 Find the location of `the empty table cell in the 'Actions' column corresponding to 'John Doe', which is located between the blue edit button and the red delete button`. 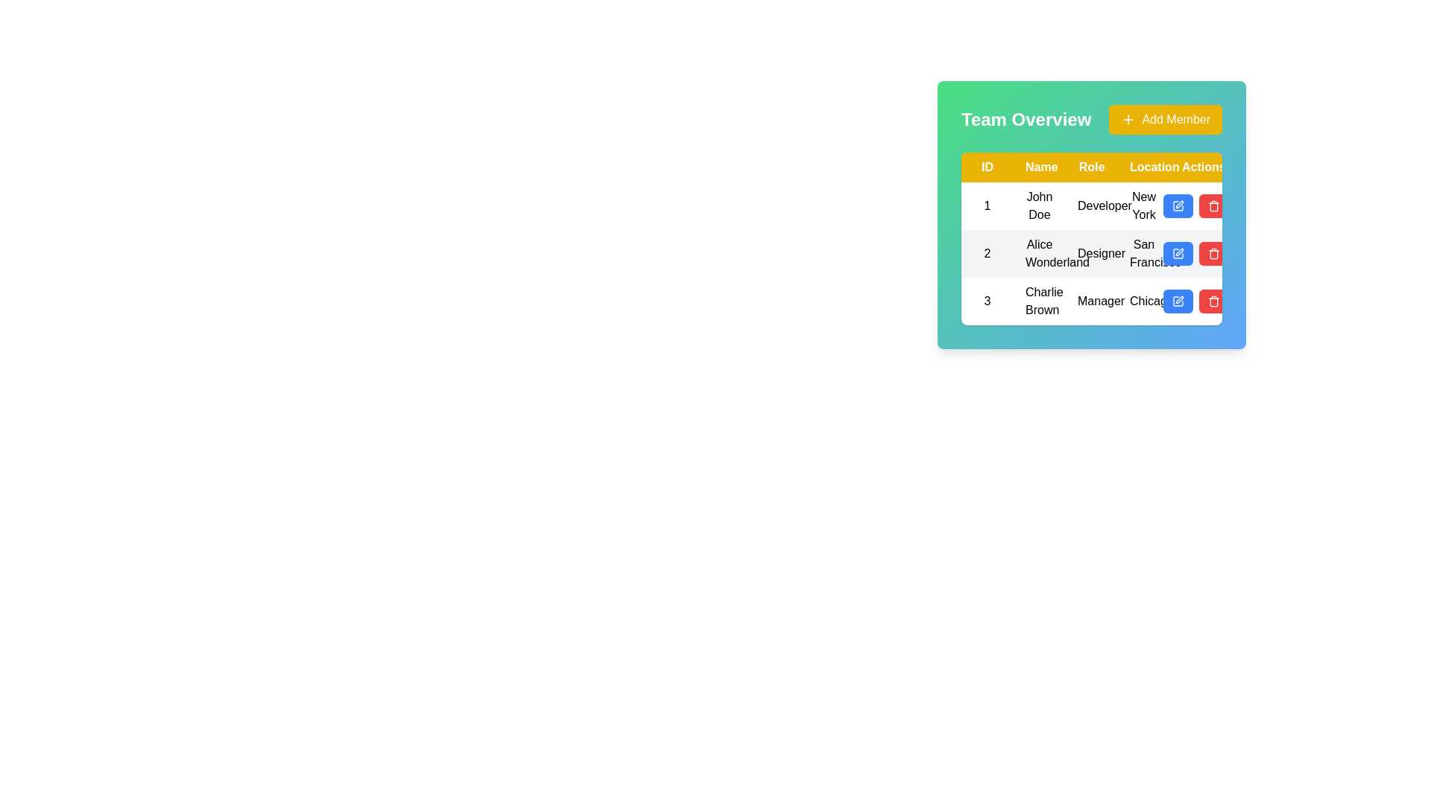

the empty table cell in the 'Actions' column corresponding to 'John Doe', which is located between the blue edit button and the red delete button is located at coordinates (1195, 206).